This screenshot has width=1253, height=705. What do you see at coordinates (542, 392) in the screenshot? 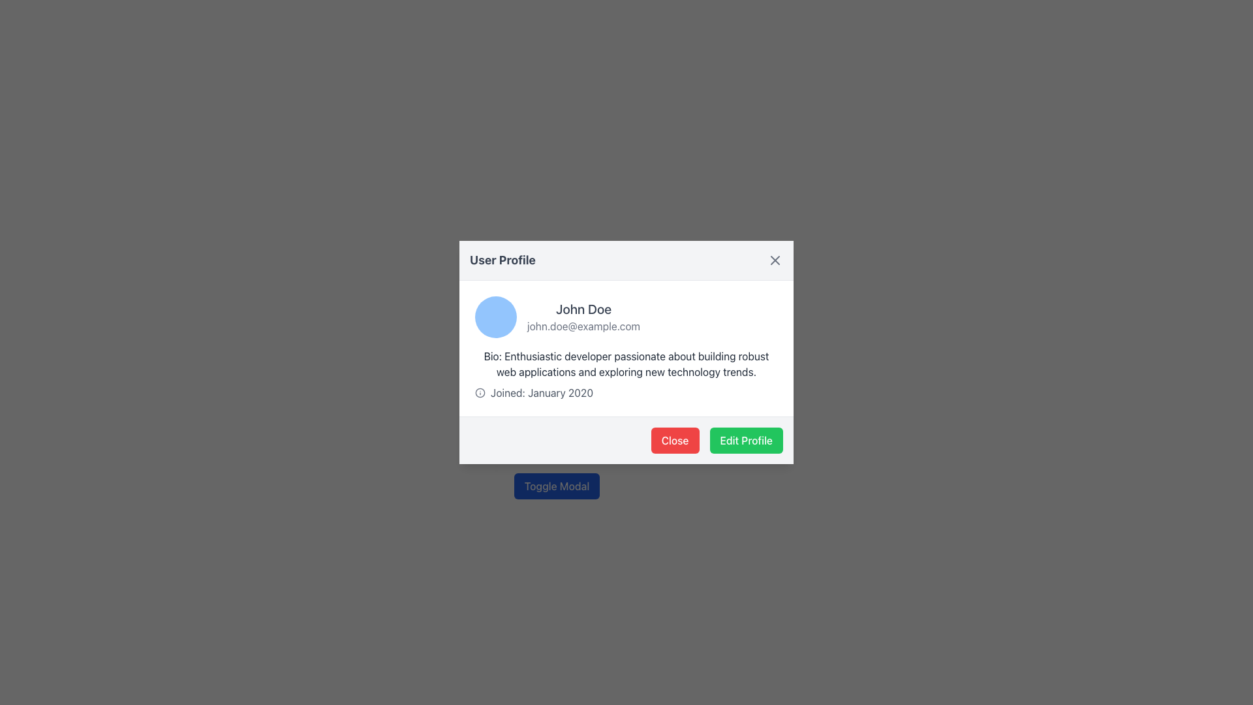
I see `the informational text label that indicates the user's joining date, positioned within the 'User Profile' modal dialog, to the right of a small circular icon and above the 'Close' and 'Edit Profile' buttons` at bounding box center [542, 392].